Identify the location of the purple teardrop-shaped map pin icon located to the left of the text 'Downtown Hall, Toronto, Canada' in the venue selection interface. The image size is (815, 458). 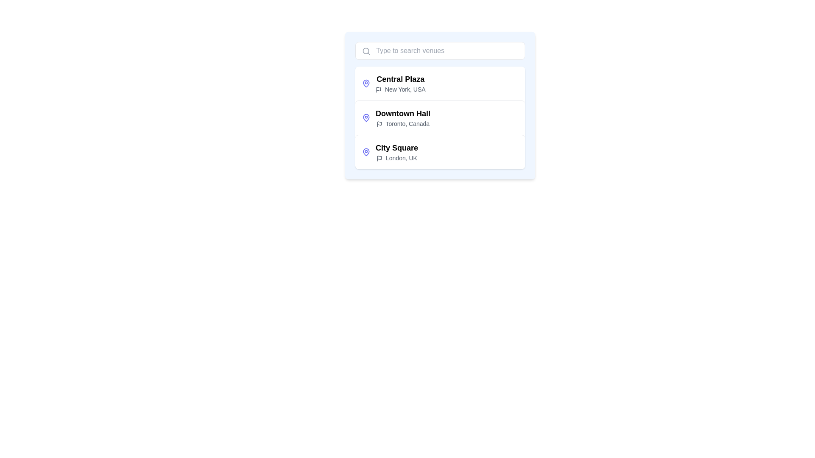
(366, 117).